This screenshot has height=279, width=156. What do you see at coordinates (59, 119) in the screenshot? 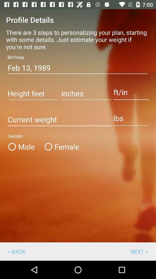
I see `icon next to lbs item` at bounding box center [59, 119].